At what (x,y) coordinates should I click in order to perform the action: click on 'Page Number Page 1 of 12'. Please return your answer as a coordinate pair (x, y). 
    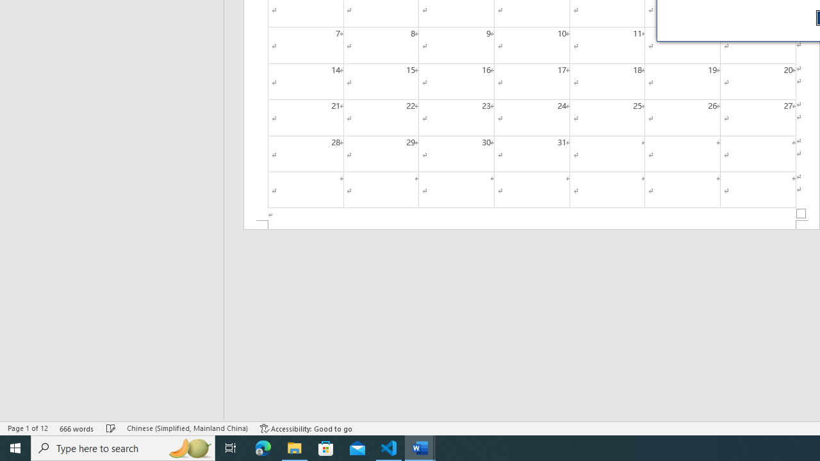
    Looking at the image, I should click on (28, 428).